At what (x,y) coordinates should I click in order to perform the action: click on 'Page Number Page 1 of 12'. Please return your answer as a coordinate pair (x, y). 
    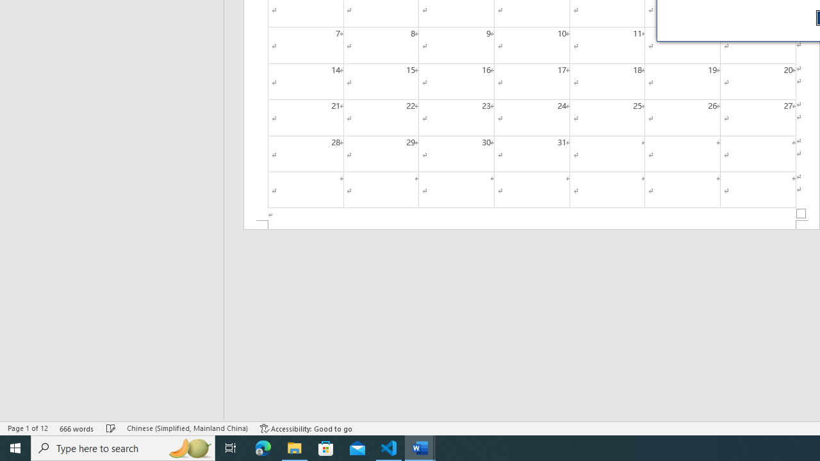
    Looking at the image, I should click on (28, 428).